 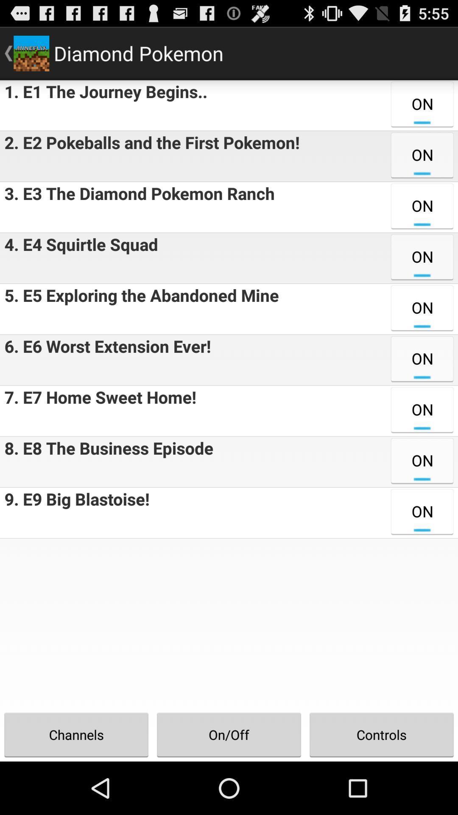 I want to click on app below the 1 e1 the app, so click(x=149, y=156).